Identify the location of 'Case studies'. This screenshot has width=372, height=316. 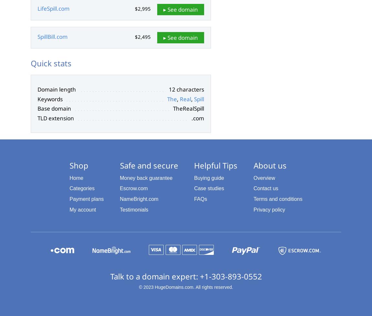
(208, 188).